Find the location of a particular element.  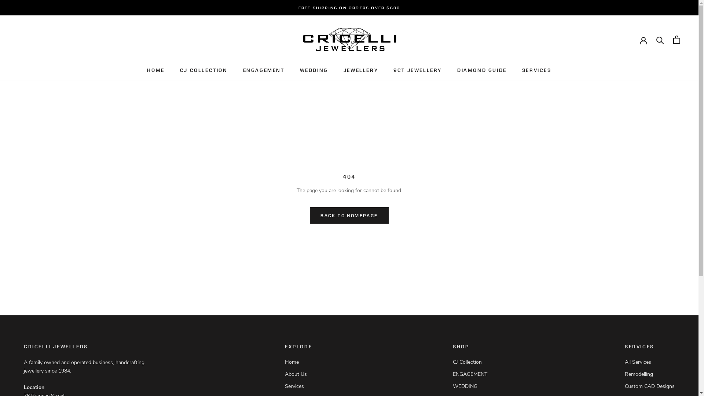

'DIAMOND GUIDE is located at coordinates (482, 70).